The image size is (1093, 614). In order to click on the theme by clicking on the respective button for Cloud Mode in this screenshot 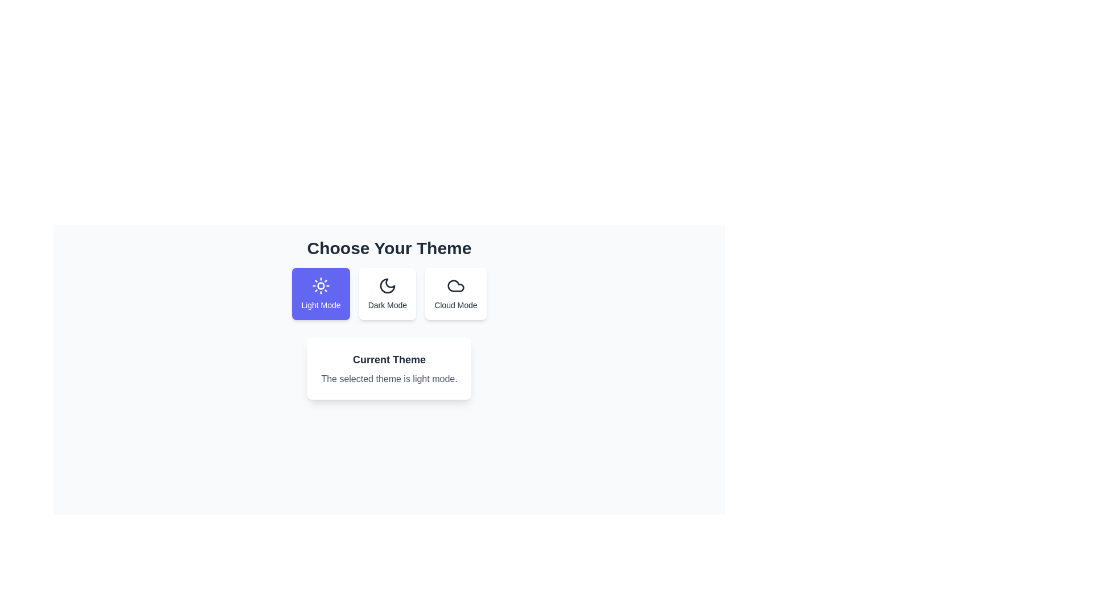, I will do `click(455, 293)`.